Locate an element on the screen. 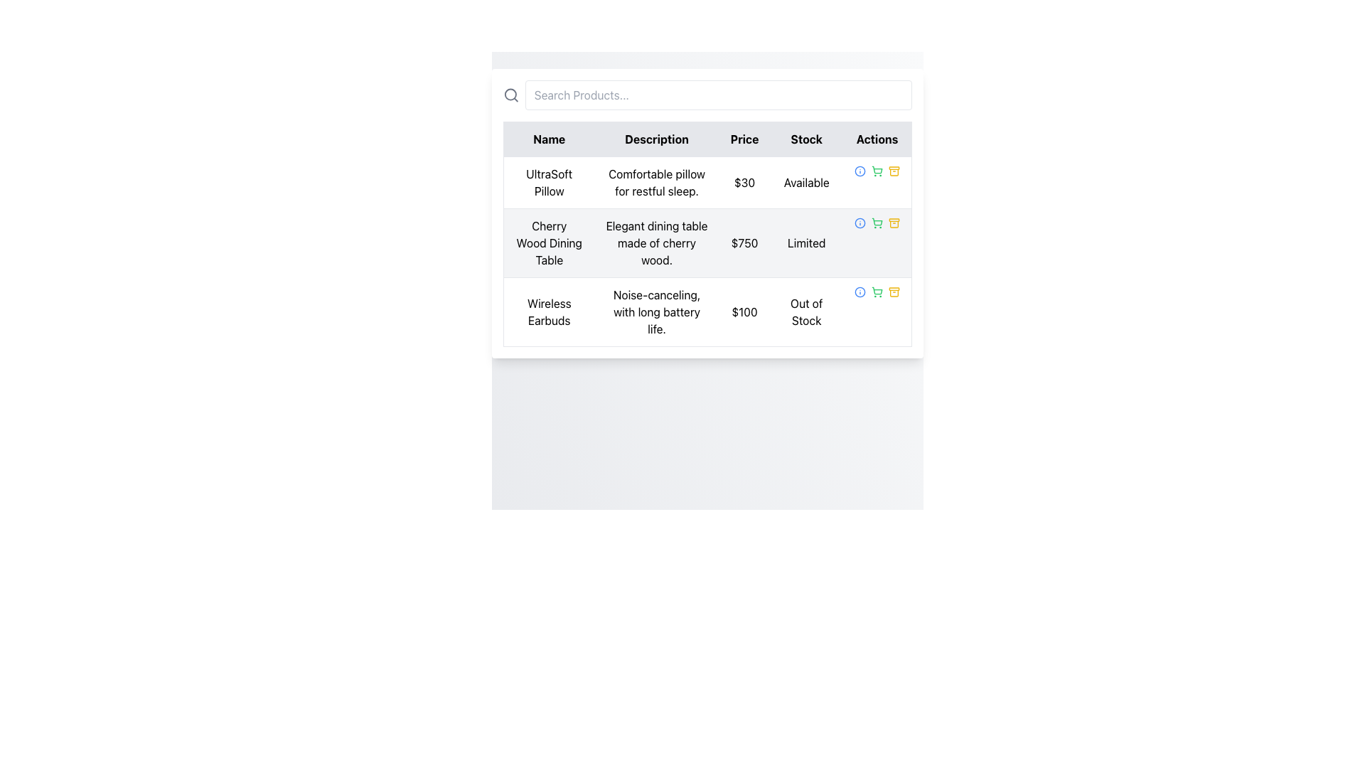 The height and width of the screenshot is (768, 1365). the button for adding the associated product to the shopping cart, which is the third interactive icon in the 'Actions' column of the last row of the table is located at coordinates (876, 292).